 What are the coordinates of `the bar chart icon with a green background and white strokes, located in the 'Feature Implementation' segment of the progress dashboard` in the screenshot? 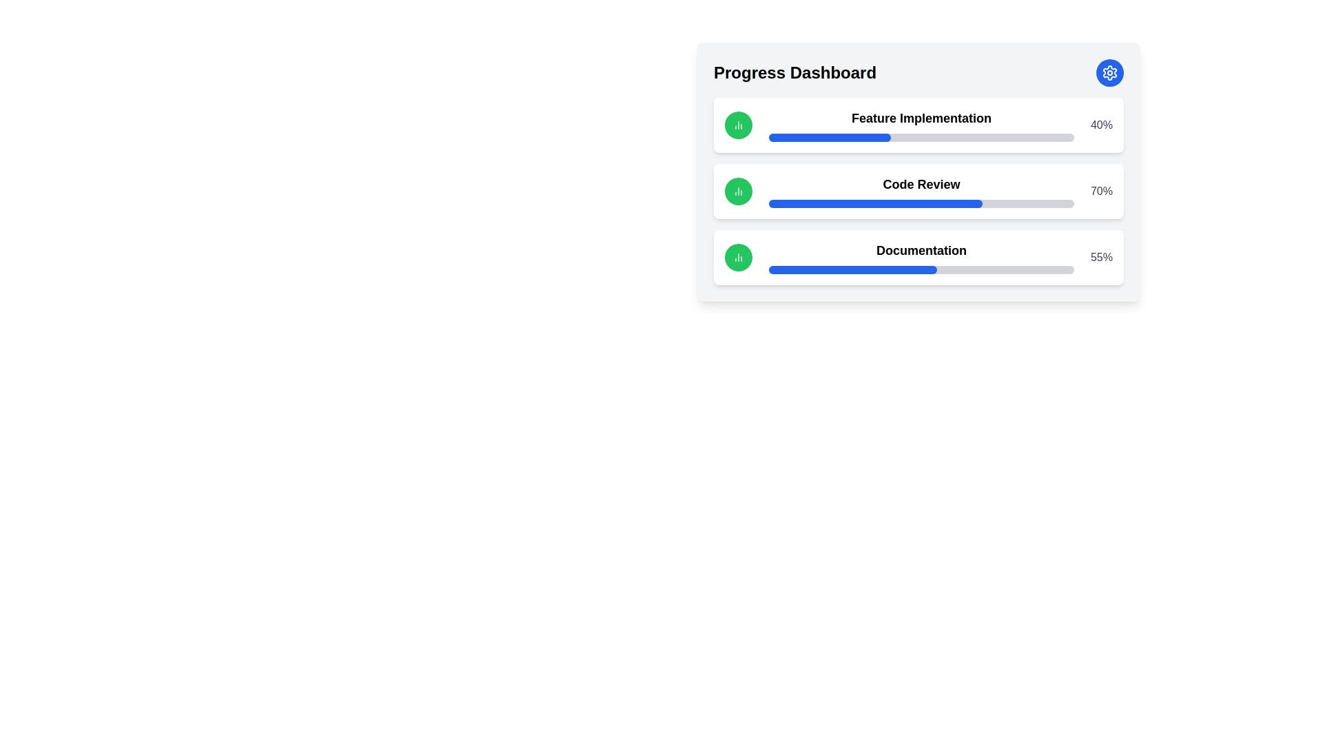 It's located at (737, 125).